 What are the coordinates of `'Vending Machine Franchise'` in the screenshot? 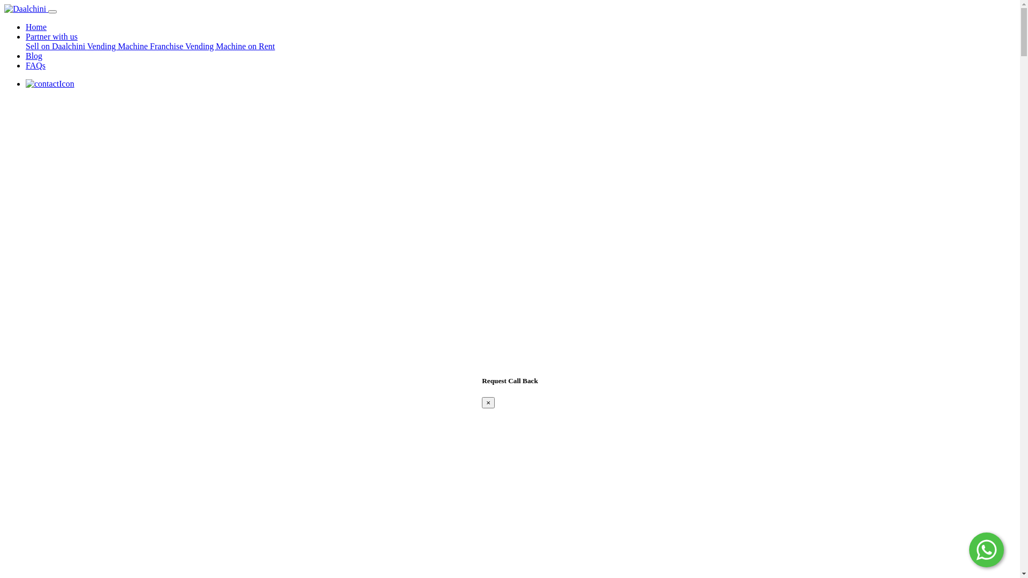 It's located at (135, 45).